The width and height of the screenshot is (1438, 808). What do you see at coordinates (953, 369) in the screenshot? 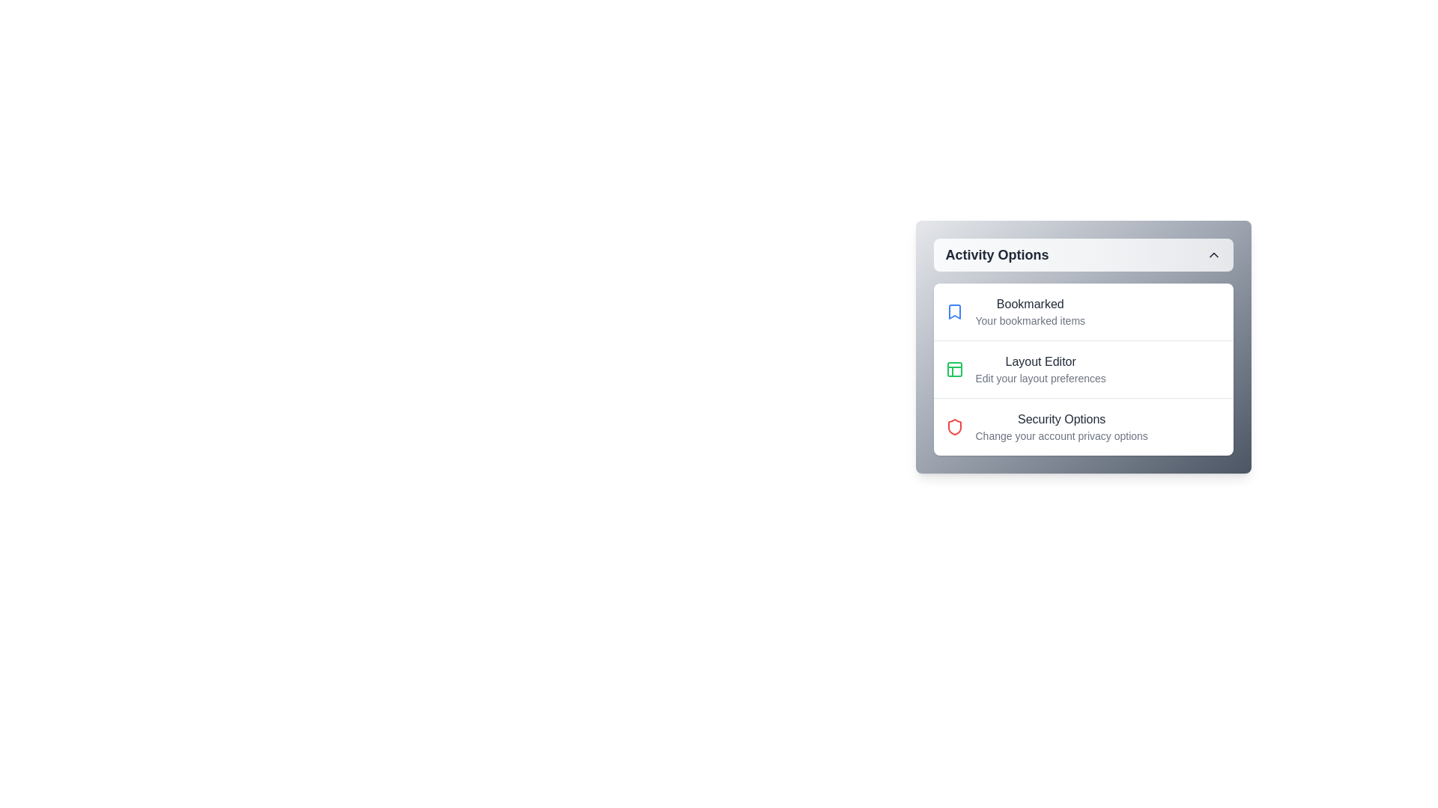
I see `the 'Layout Editor' icon located within the 'Activity Options' widget, to the left of the descriptive text and title` at bounding box center [953, 369].